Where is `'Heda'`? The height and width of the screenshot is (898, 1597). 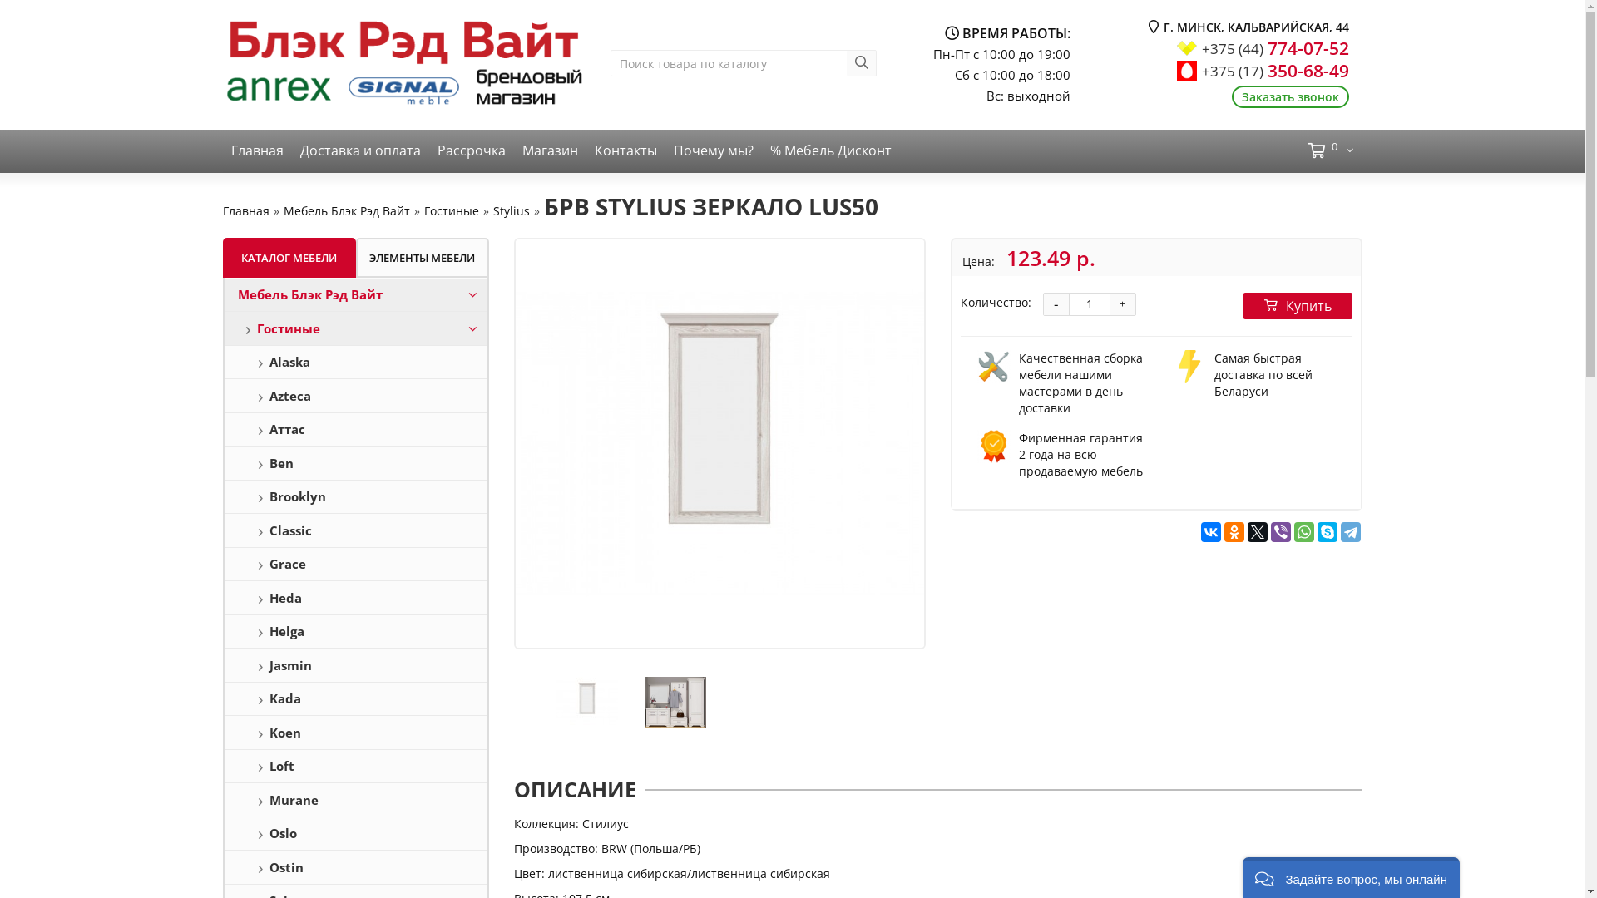
'Heda' is located at coordinates (354, 596).